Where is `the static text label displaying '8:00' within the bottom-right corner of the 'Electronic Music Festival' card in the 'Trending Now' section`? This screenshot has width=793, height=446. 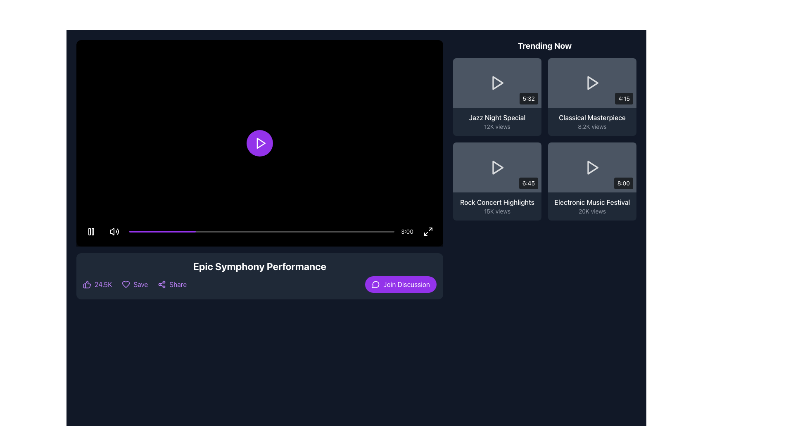
the static text label displaying '8:00' within the bottom-right corner of the 'Electronic Music Festival' card in the 'Trending Now' section is located at coordinates (623, 183).